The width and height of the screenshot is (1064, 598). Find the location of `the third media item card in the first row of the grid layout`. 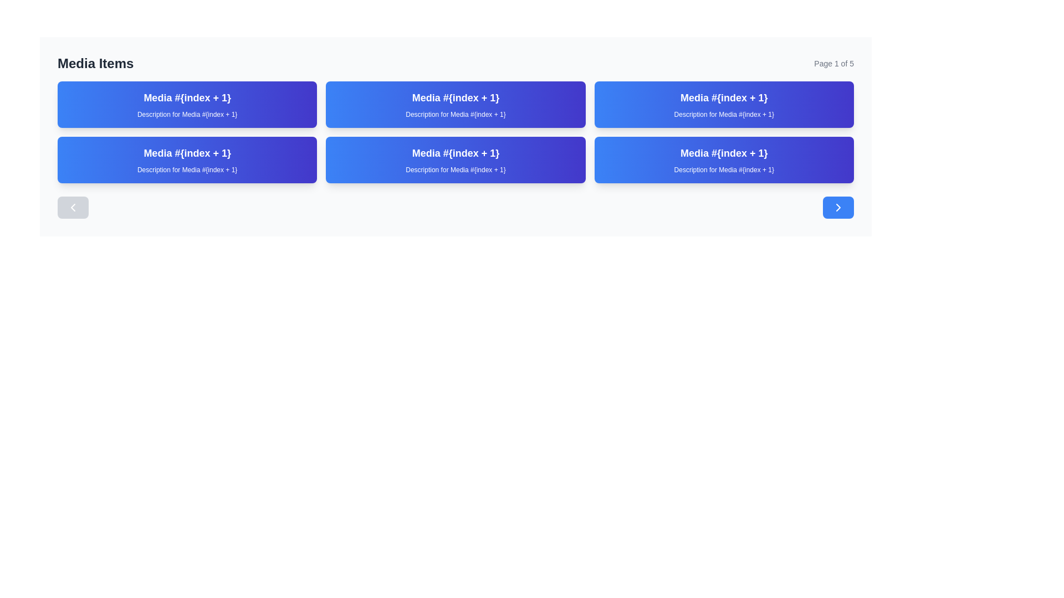

the third media item card in the first row of the grid layout is located at coordinates (724, 105).